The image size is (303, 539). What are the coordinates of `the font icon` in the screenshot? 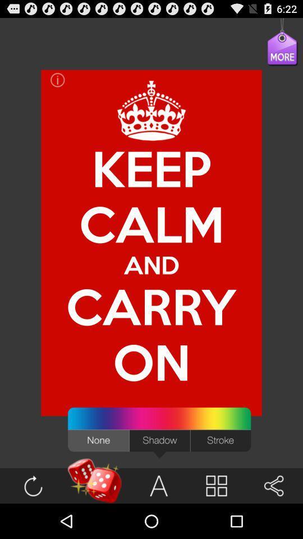 It's located at (158, 520).